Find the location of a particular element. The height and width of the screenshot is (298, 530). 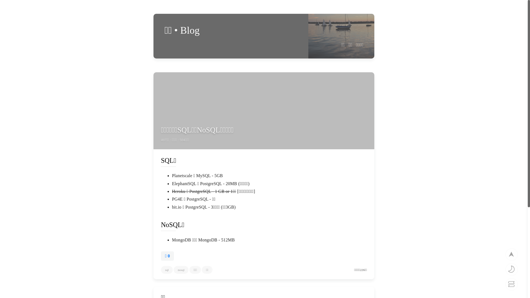

'nosql' is located at coordinates (181, 270).